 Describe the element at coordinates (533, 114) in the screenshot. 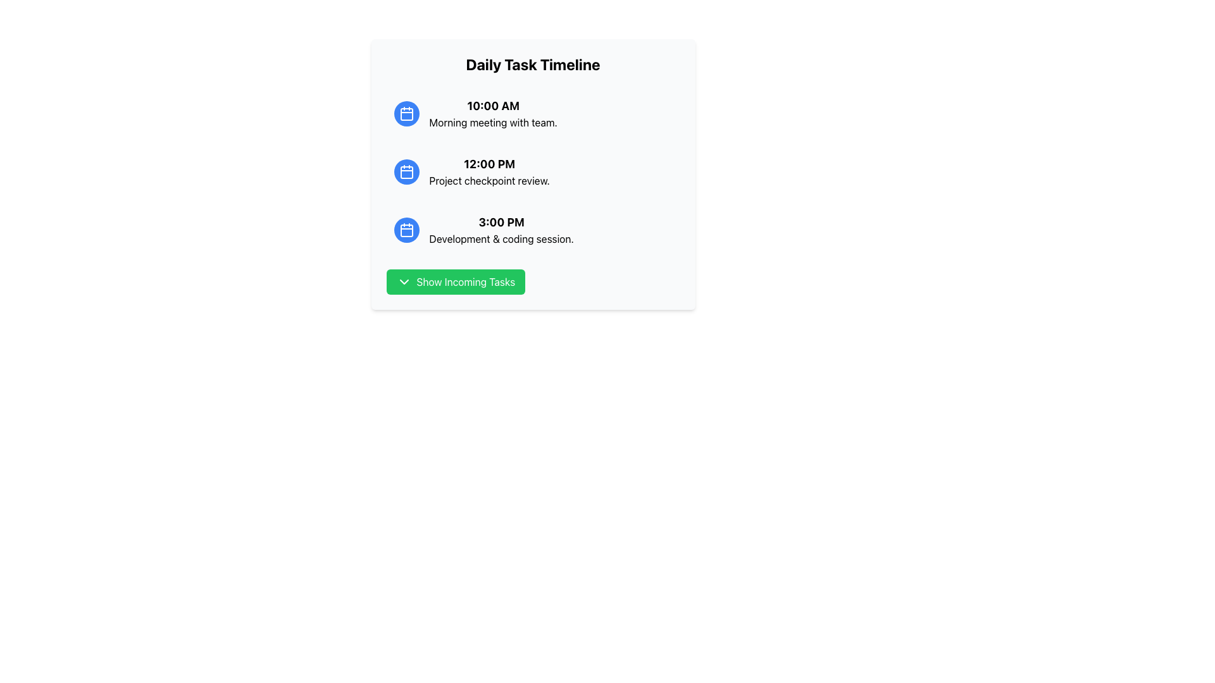

I see `the first entry of the 'Daily Task Timeline' list by clicking on it` at that location.